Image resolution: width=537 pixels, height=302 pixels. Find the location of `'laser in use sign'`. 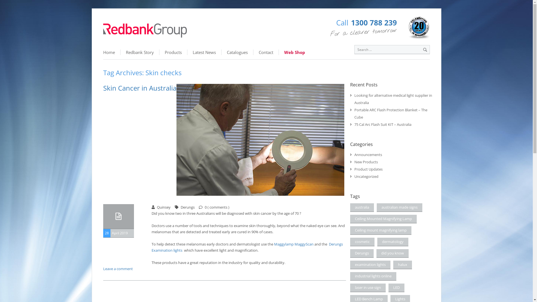

'laser in use sign' is located at coordinates (350, 288).